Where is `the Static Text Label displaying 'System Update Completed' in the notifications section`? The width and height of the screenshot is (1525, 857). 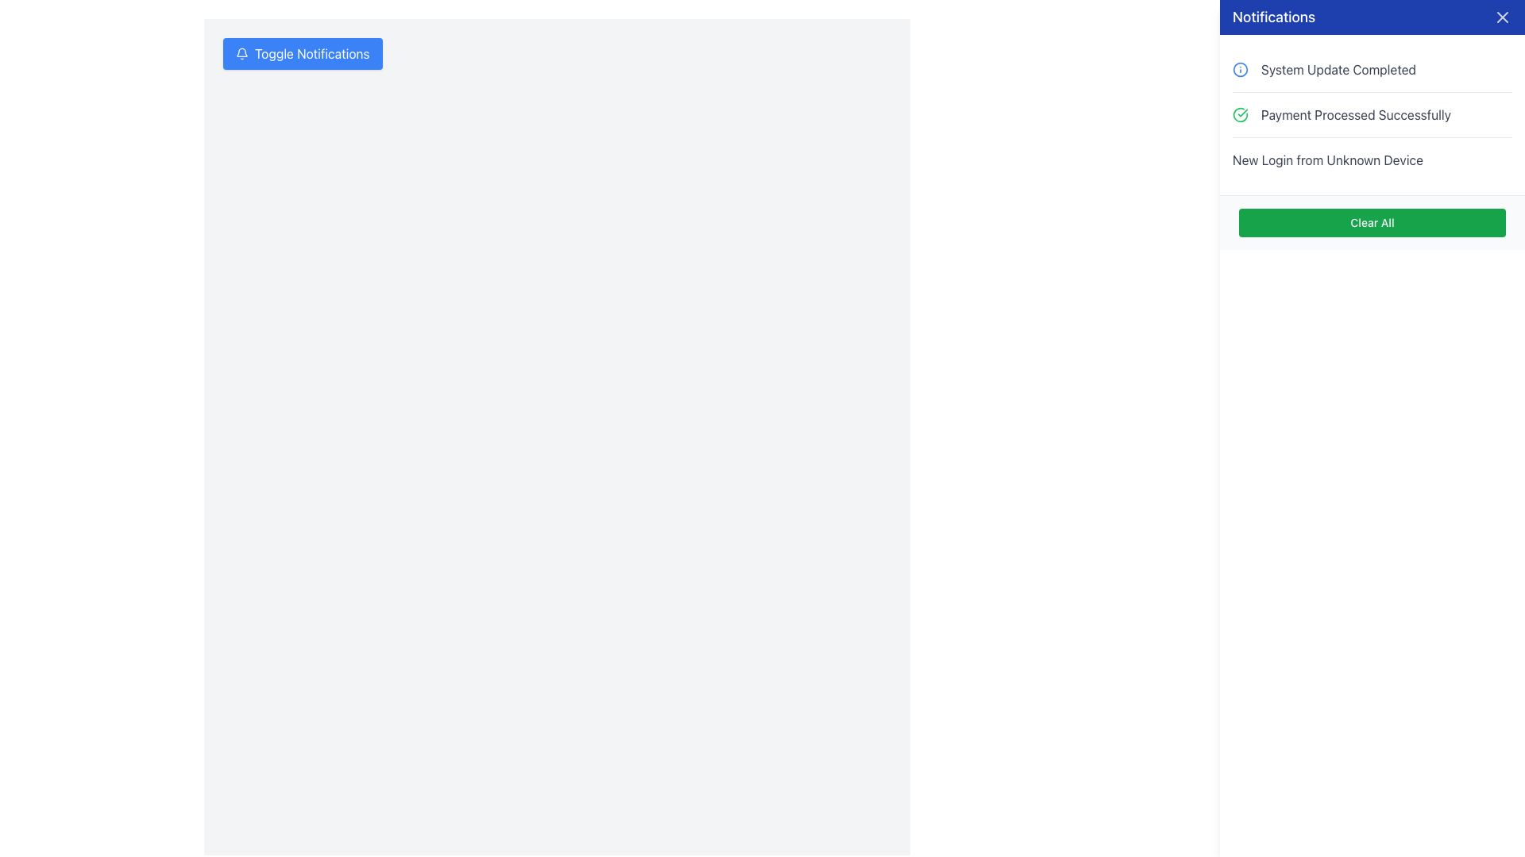 the Static Text Label displaying 'System Update Completed' in the notifications section is located at coordinates (1338, 69).